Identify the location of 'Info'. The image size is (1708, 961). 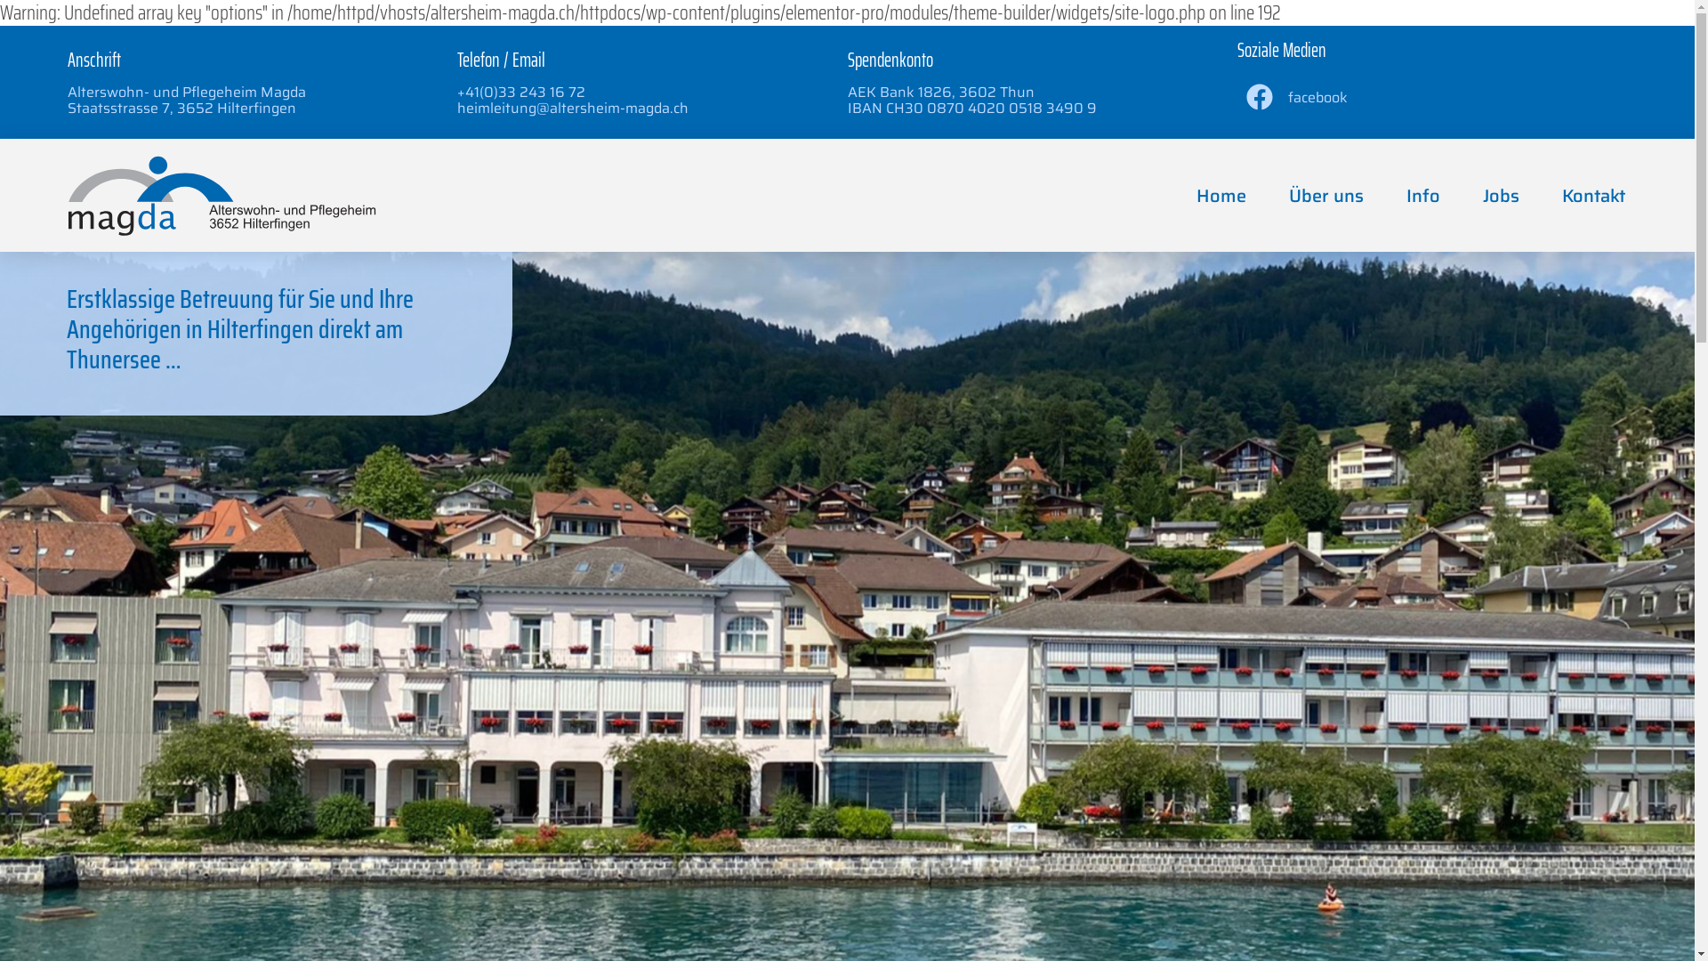
(1422, 195).